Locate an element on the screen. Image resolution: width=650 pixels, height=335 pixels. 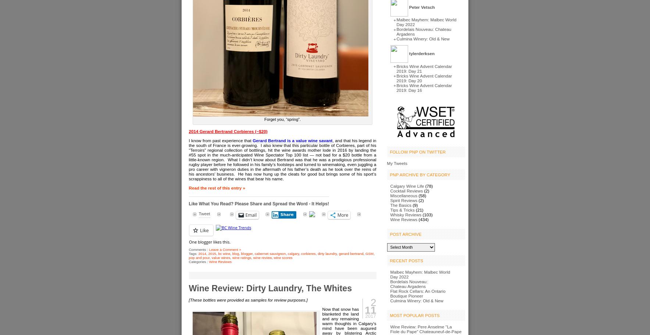
'Flat Rock Cellars: An Ontario Boutique Pioneer' is located at coordinates (389, 293).